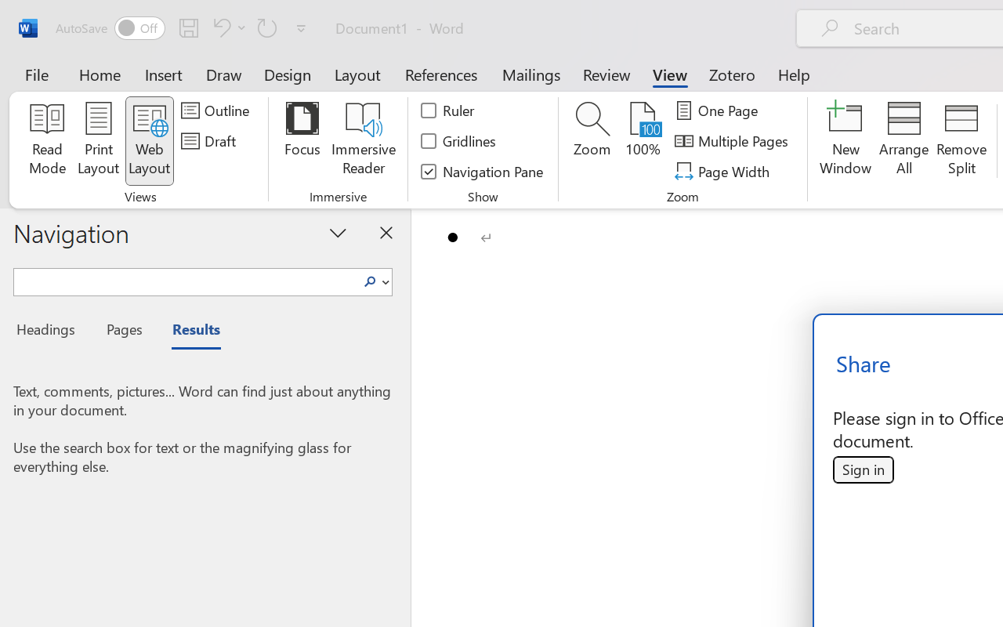  What do you see at coordinates (363, 140) in the screenshot?
I see `'Immersive Reader'` at bounding box center [363, 140].